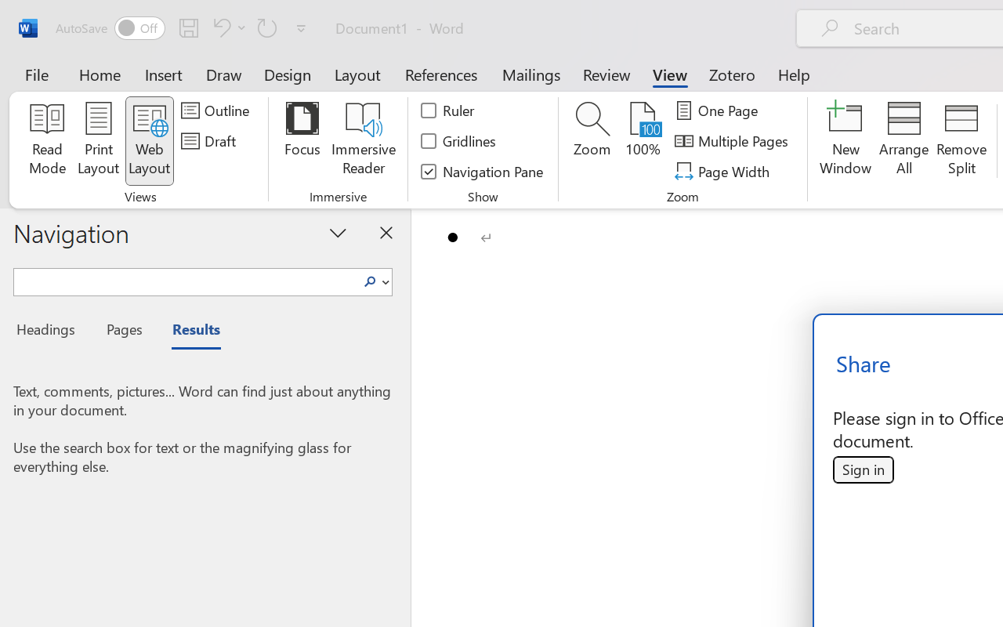  What do you see at coordinates (363, 140) in the screenshot?
I see `'Immersive Reader'` at bounding box center [363, 140].